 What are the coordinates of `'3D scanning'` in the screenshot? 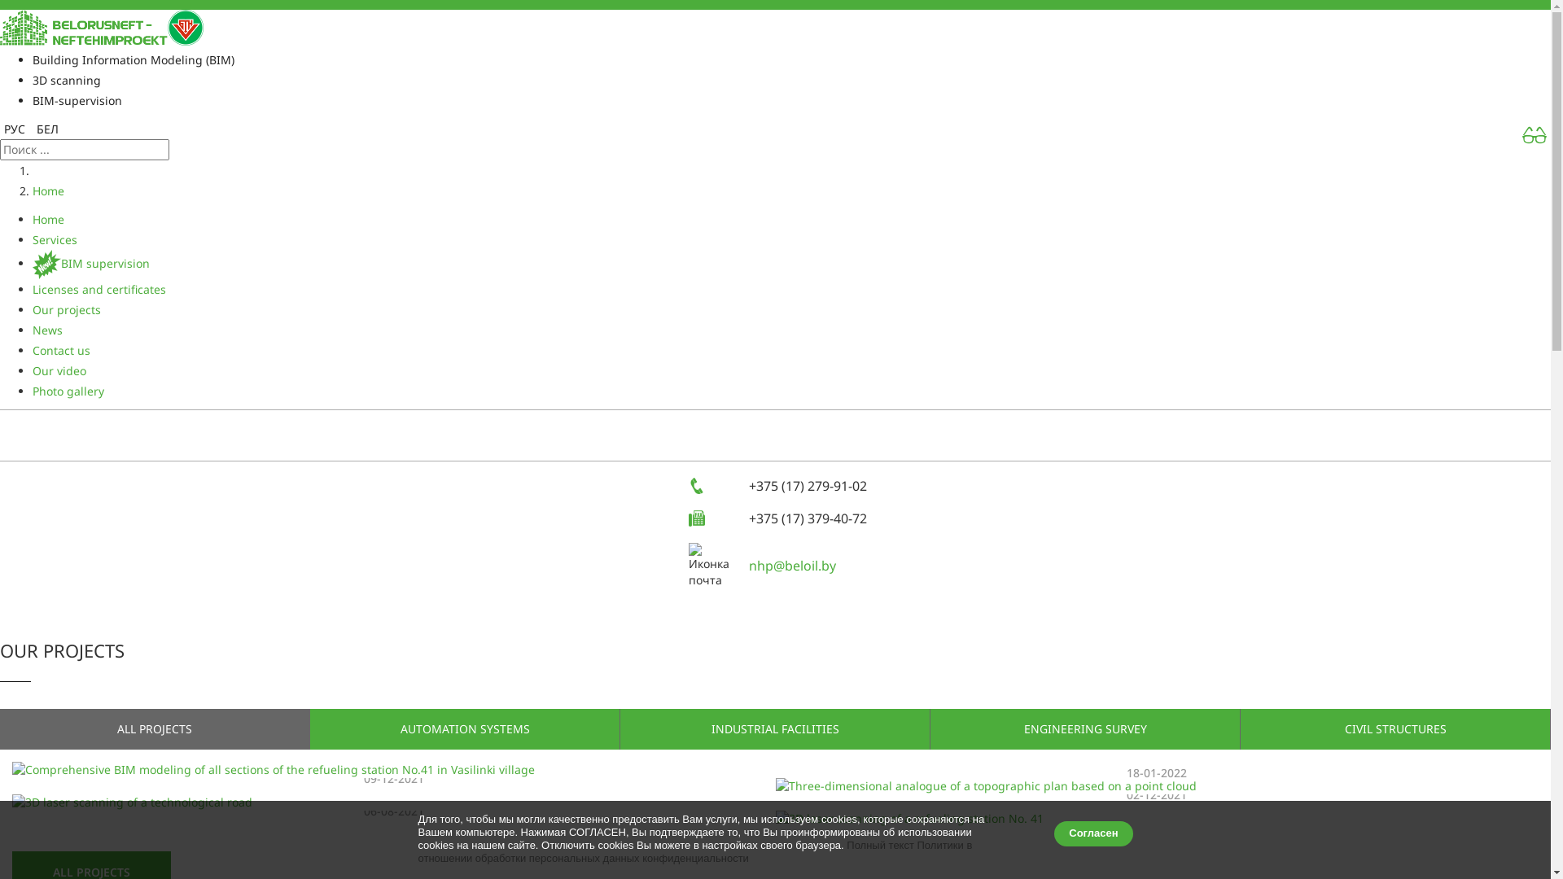 It's located at (32, 80).